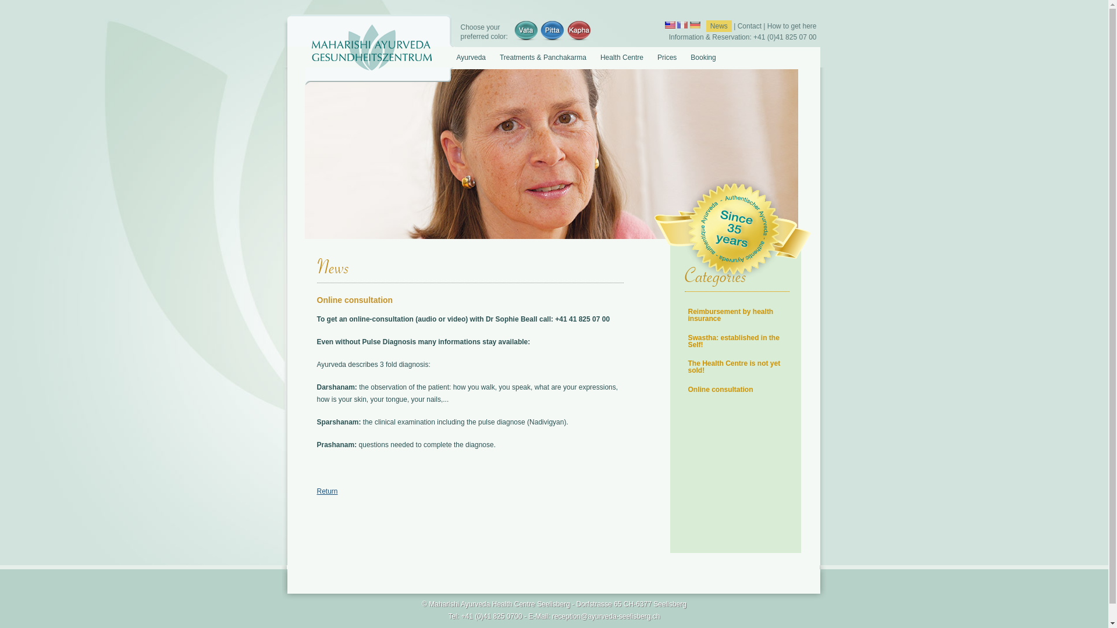 The image size is (1117, 628). What do you see at coordinates (667, 57) in the screenshot?
I see `'Prices'` at bounding box center [667, 57].